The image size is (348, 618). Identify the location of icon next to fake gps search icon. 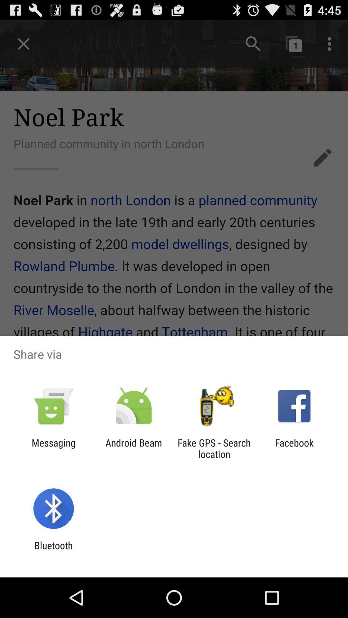
(133, 448).